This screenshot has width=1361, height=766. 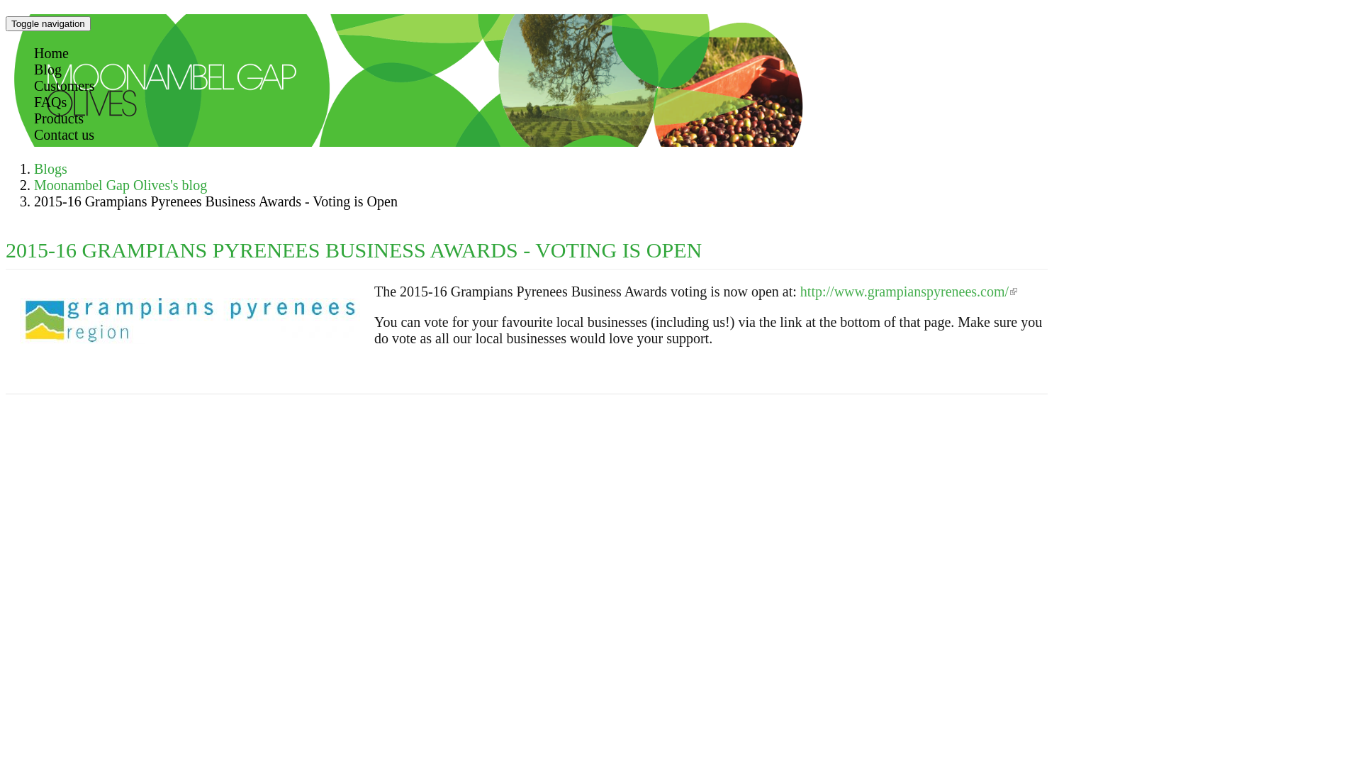 I want to click on 'Customers', so click(x=64, y=85).